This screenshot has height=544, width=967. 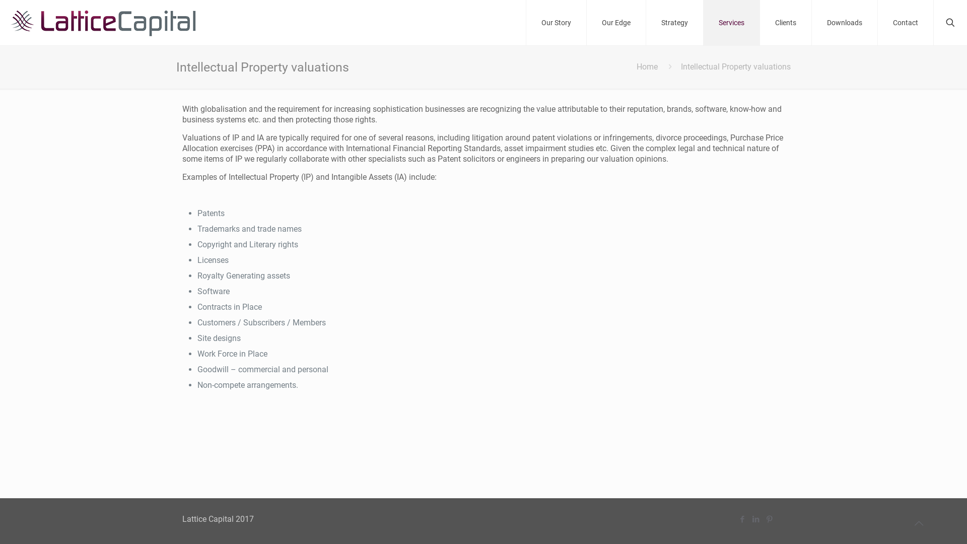 What do you see at coordinates (750, 519) in the screenshot?
I see `'LinkedIn'` at bounding box center [750, 519].